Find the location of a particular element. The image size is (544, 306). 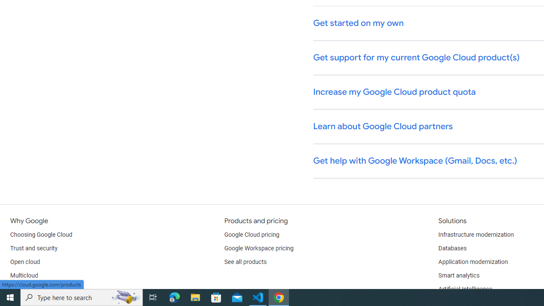

'Choosing Google Cloud' is located at coordinates (41, 235).